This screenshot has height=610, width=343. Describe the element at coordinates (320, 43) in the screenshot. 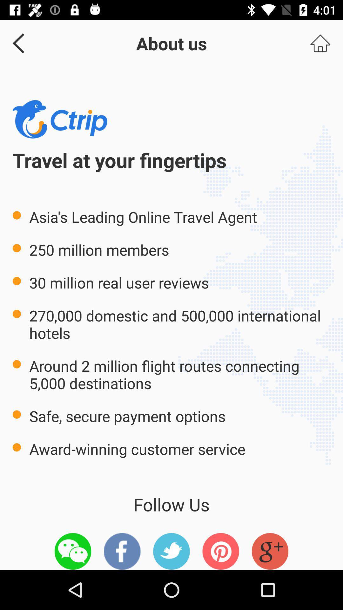

I see `the home icon` at that location.